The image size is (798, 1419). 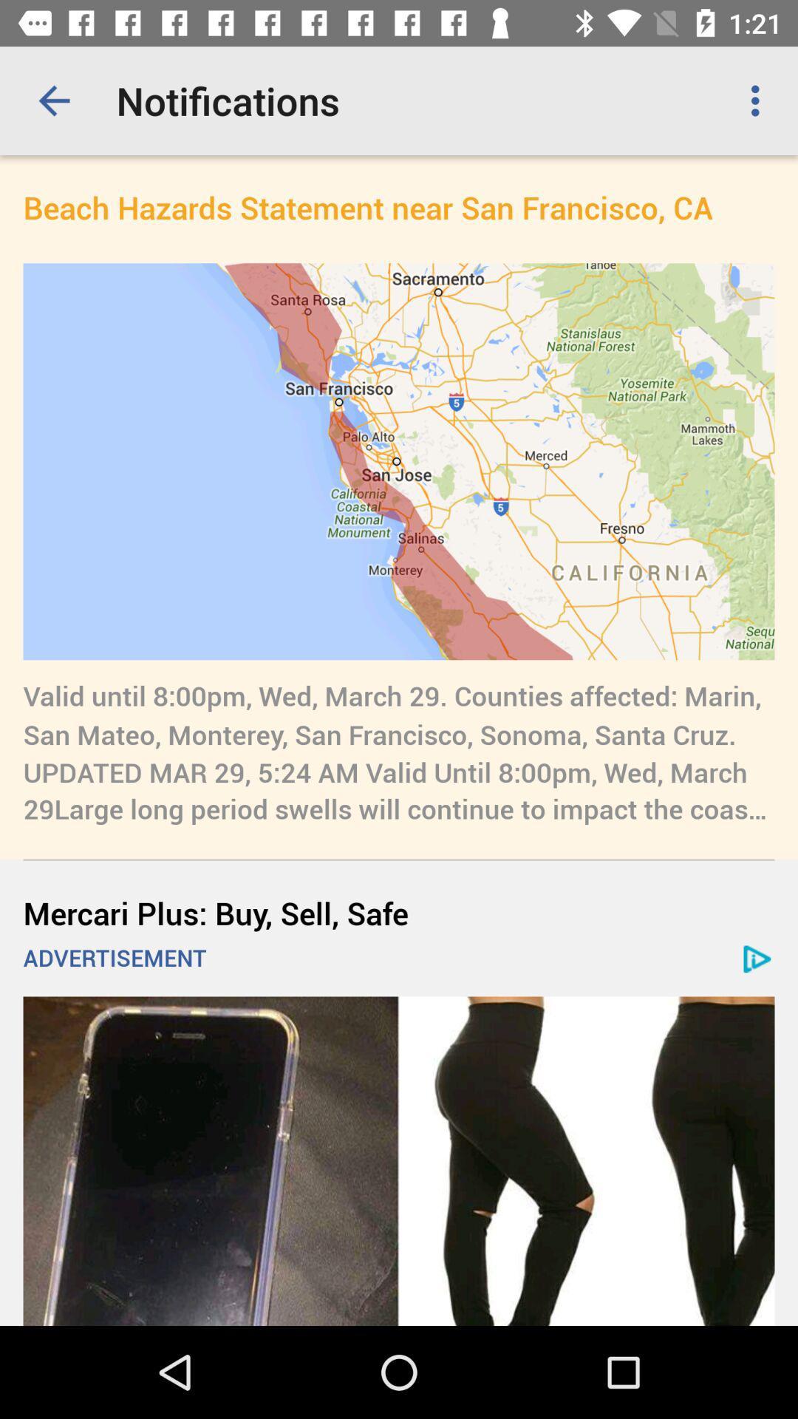 What do you see at coordinates (399, 1160) in the screenshot?
I see `advertisement page` at bounding box center [399, 1160].